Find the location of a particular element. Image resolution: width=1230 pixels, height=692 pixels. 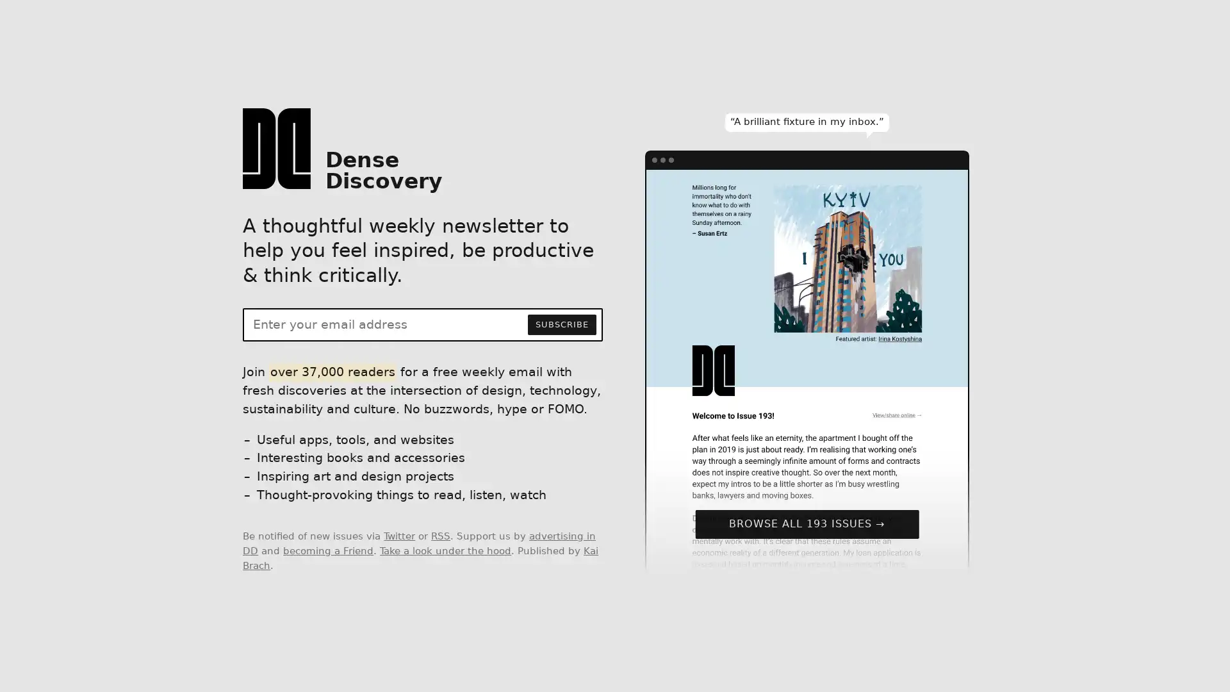

SUBSCRIBE is located at coordinates (562, 323).